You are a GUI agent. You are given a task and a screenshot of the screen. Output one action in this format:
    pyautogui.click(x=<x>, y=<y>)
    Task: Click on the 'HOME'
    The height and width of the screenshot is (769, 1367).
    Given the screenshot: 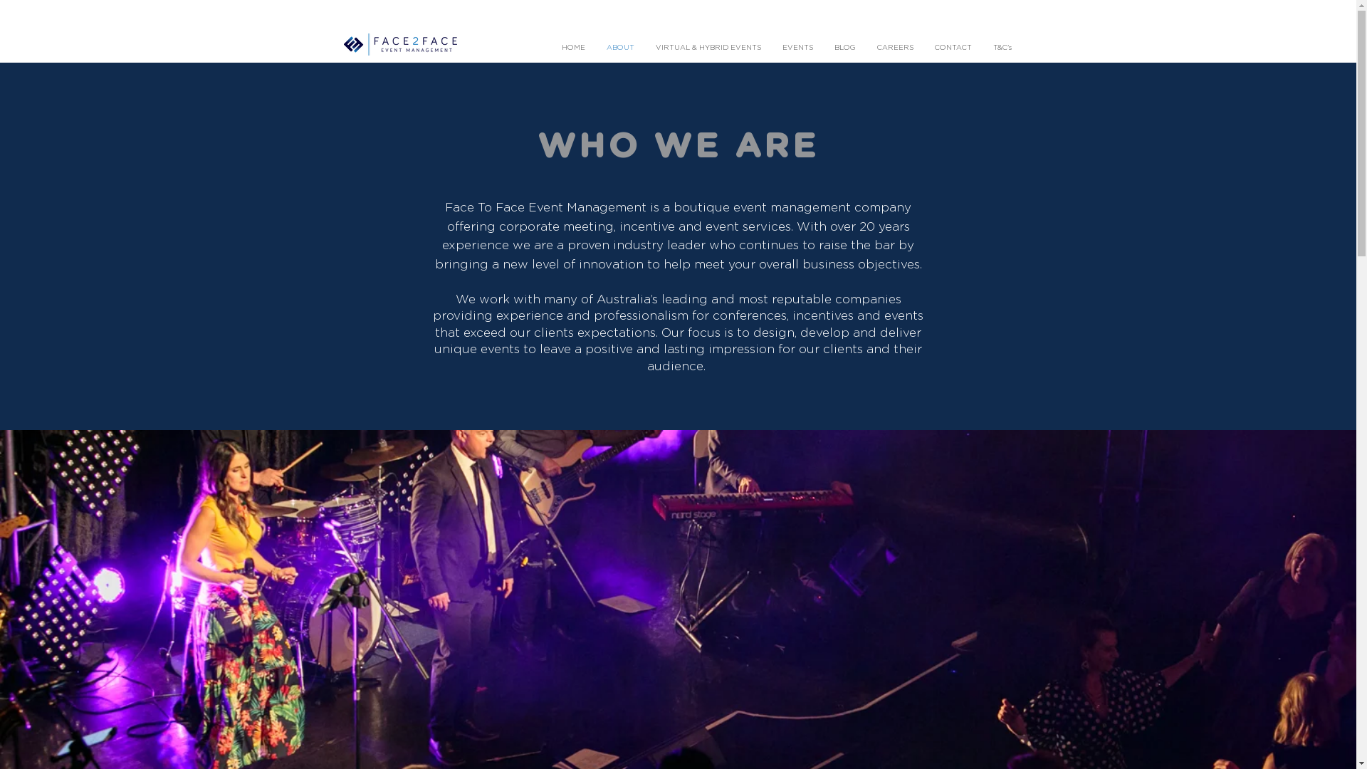 What is the action you would take?
    pyautogui.click(x=573, y=47)
    